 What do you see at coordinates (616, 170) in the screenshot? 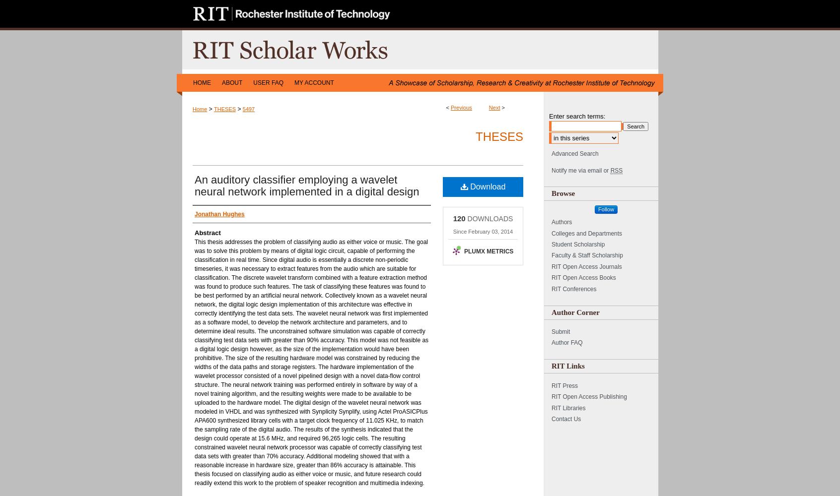
I see `'RSS'` at bounding box center [616, 170].